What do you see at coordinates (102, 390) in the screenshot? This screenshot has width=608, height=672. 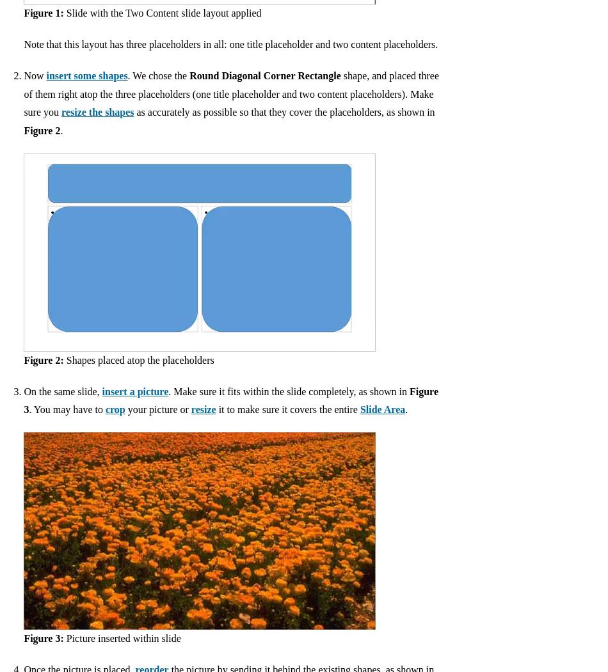 I see `'insert a picture'` at bounding box center [102, 390].